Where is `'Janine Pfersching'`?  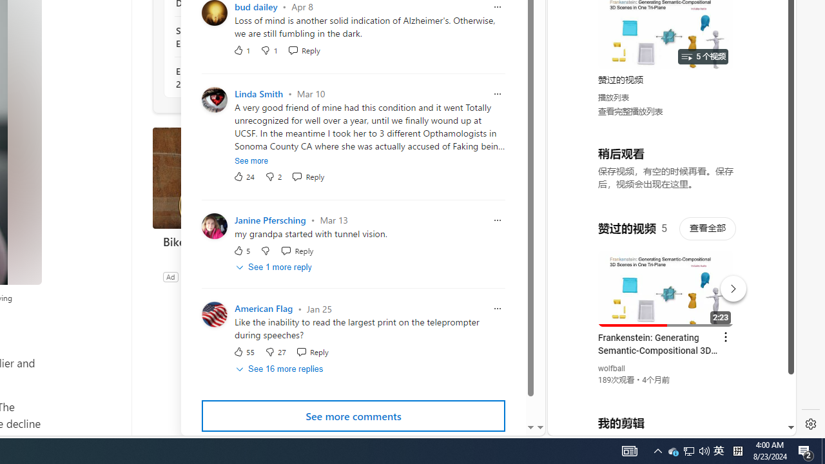 'Janine Pfersching' is located at coordinates (269, 219).